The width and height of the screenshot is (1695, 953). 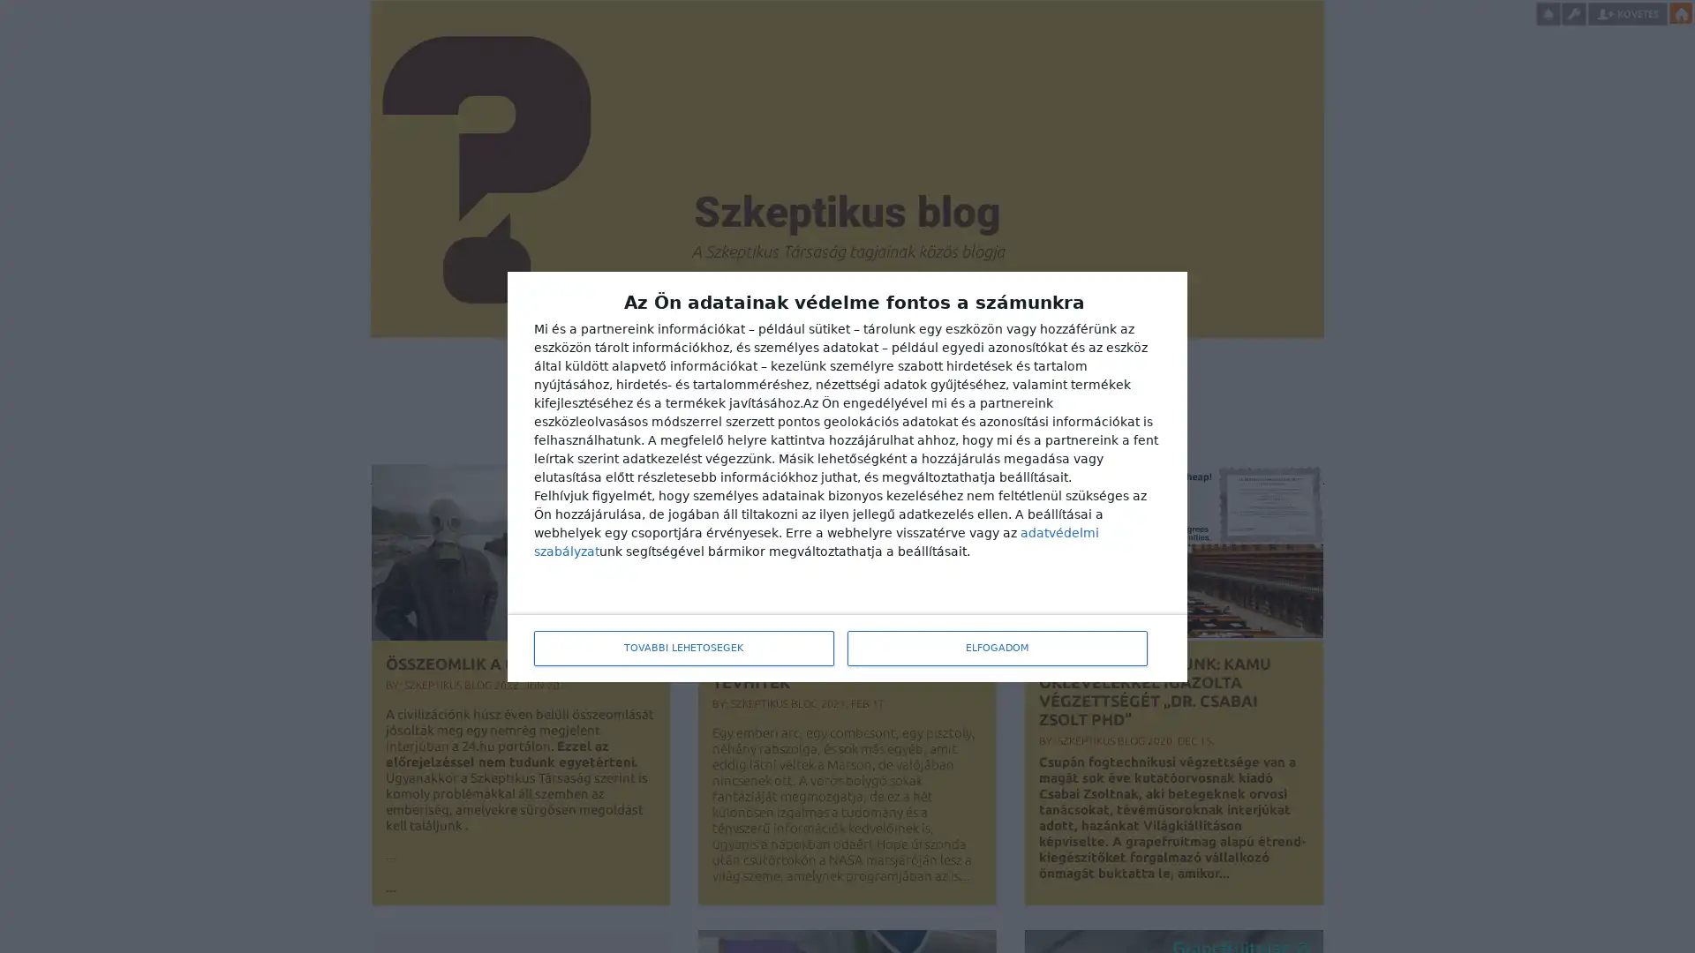 I want to click on ELFOGADOM, so click(x=997, y=647).